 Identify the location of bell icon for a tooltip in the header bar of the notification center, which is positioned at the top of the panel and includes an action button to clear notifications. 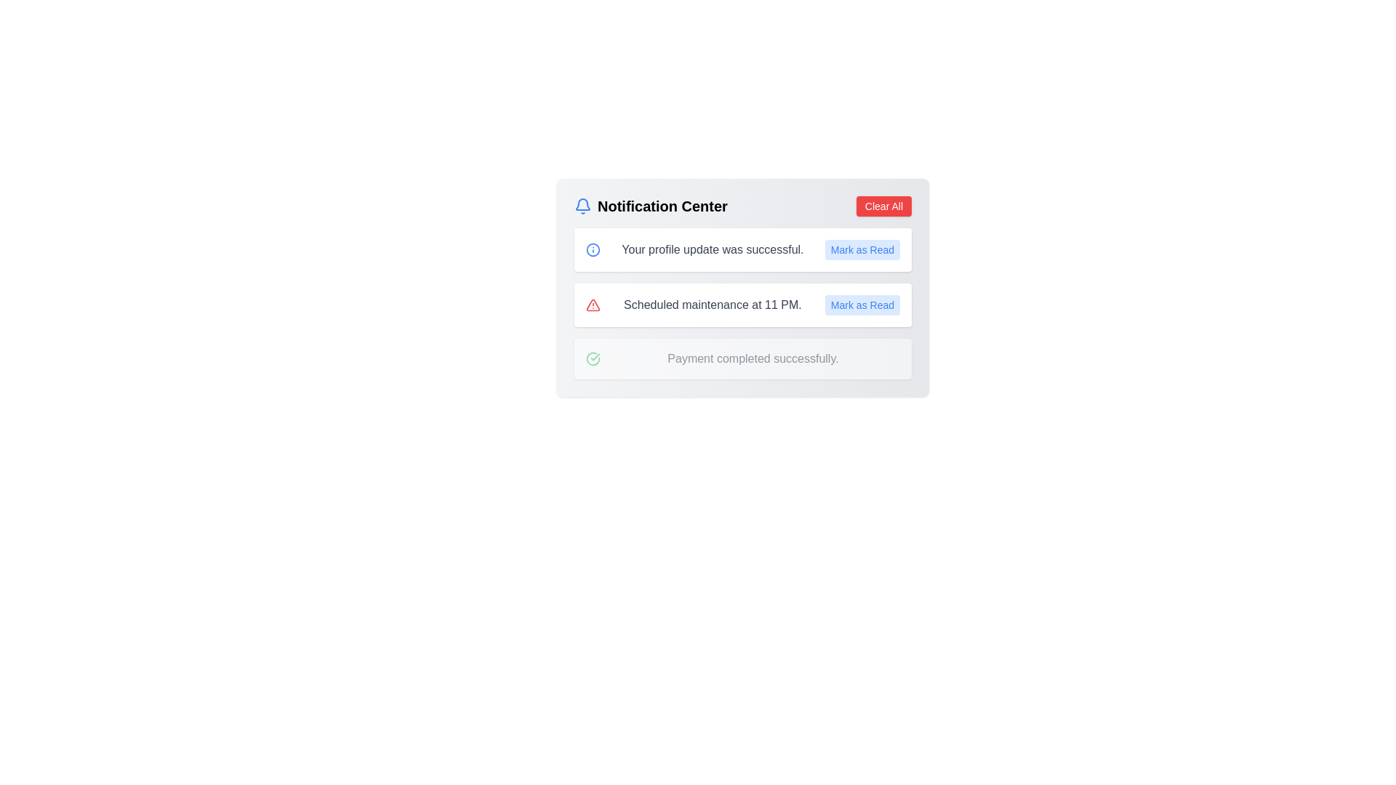
(743, 206).